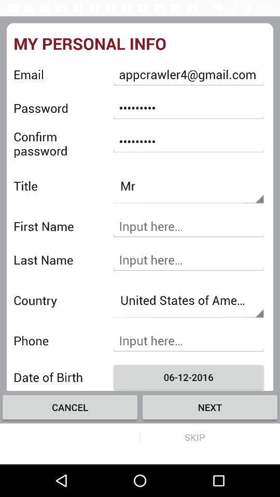  Describe the element at coordinates (188, 259) in the screenshot. I see `last name entry field` at that location.